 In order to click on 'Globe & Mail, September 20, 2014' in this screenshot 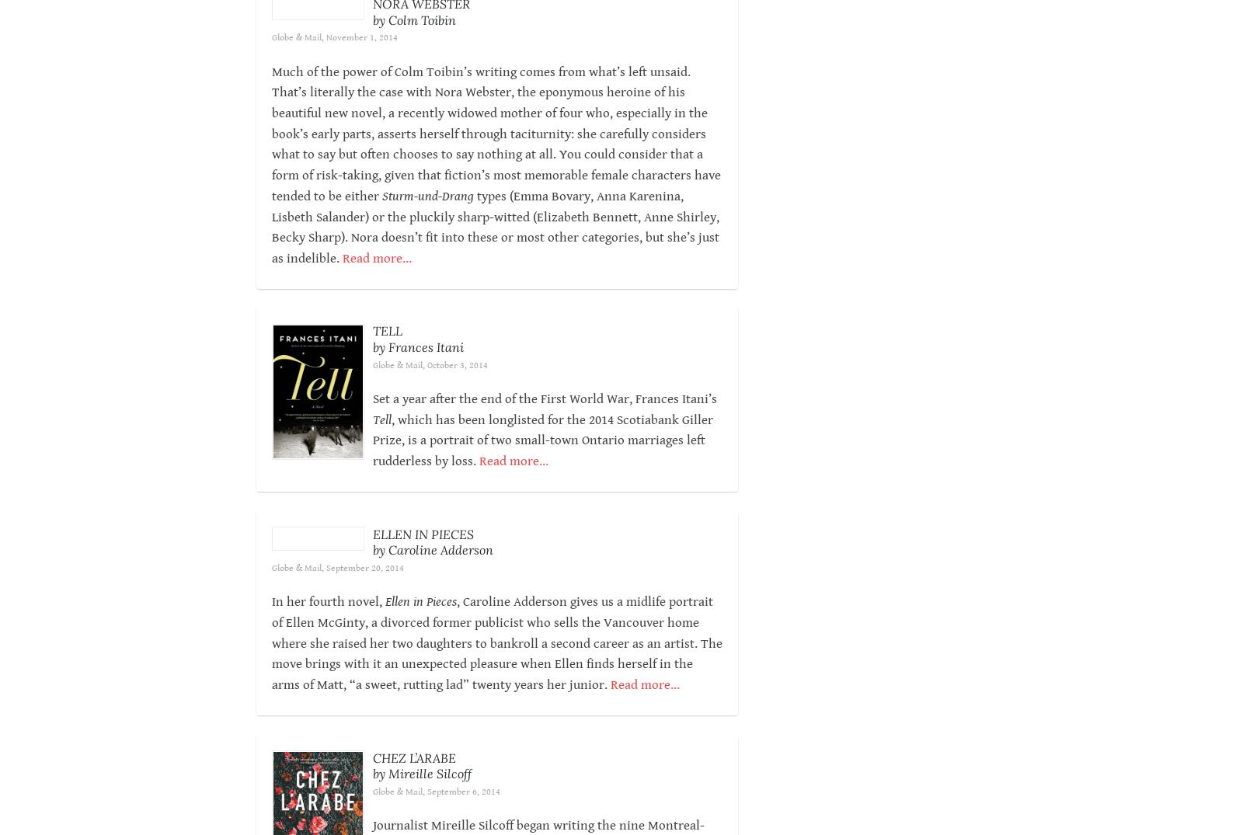, I will do `click(337, 588)`.